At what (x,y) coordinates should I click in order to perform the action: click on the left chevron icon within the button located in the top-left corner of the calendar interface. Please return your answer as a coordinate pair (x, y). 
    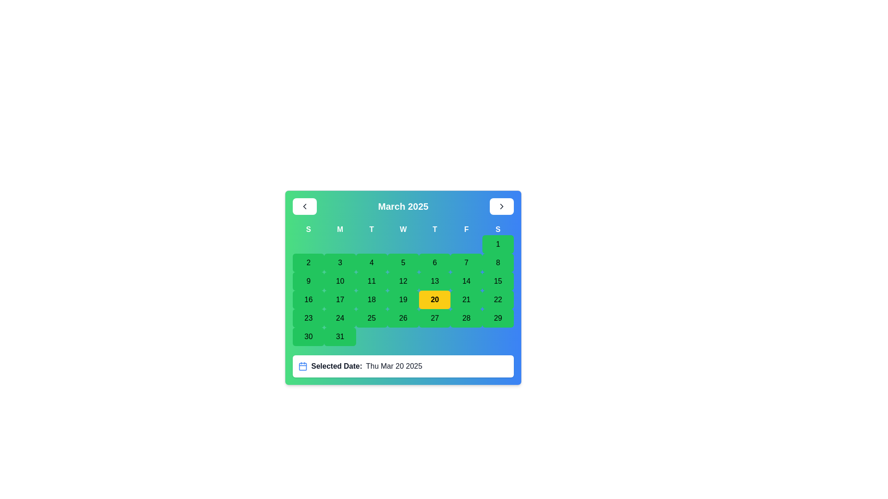
    Looking at the image, I should click on (304, 206).